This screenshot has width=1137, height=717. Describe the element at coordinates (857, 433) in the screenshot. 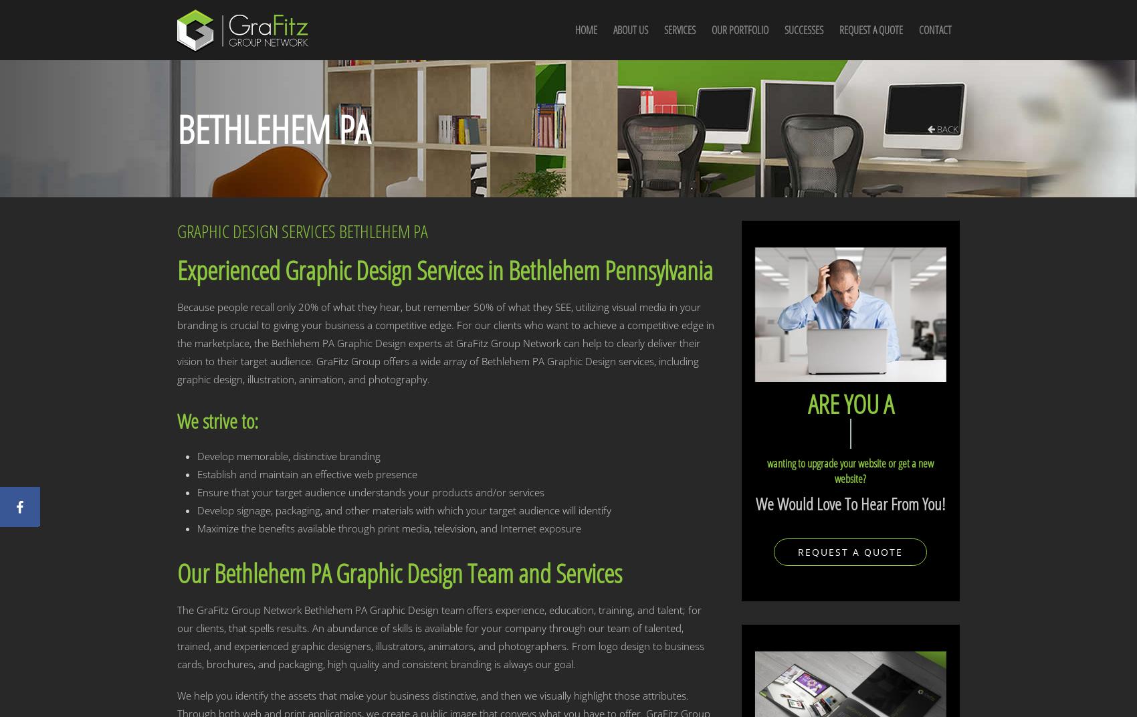

I see `'MEDIUM BUSINESS?'` at that location.